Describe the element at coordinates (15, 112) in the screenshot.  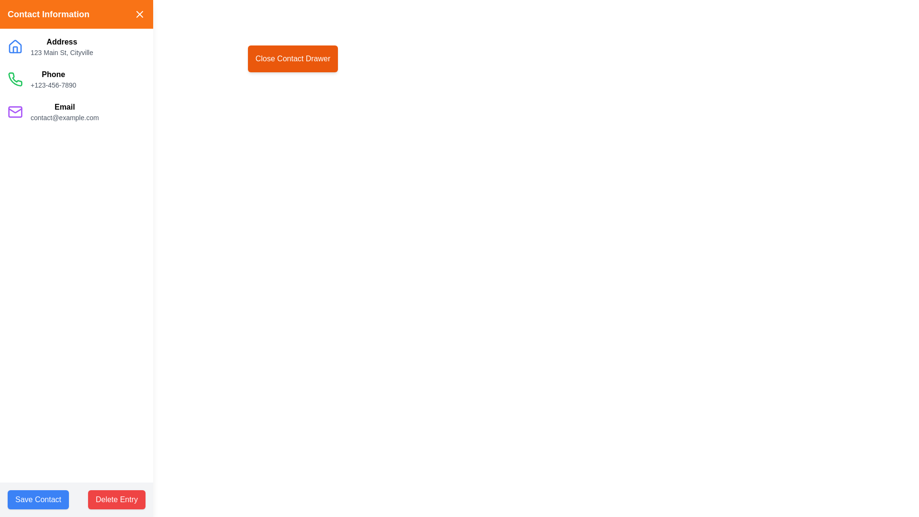
I see `the purple envelope icon located to the left of the 'Email' label and 'contact@example.com' in the contact information panel` at that location.